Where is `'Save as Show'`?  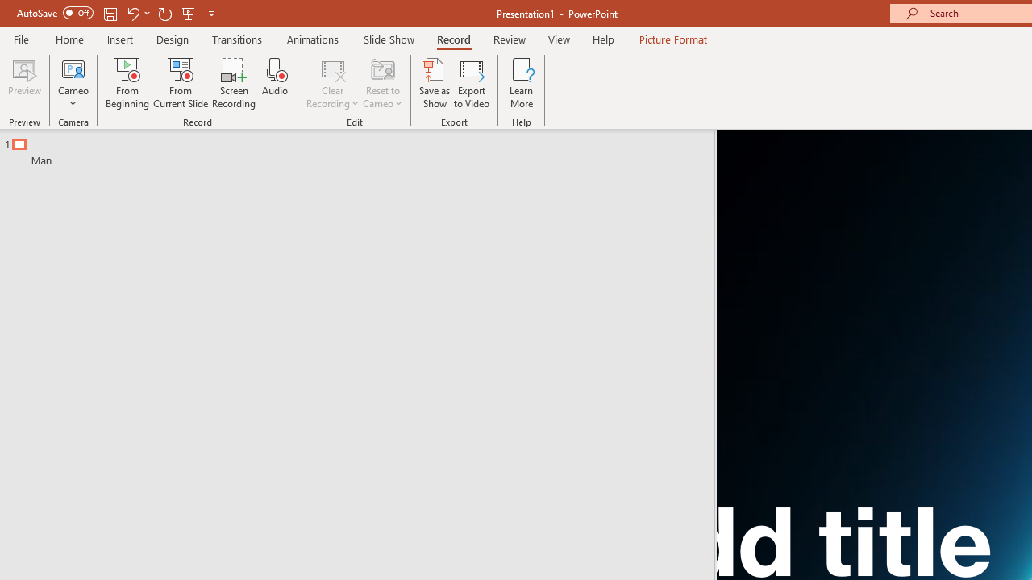 'Save as Show' is located at coordinates (435, 83).